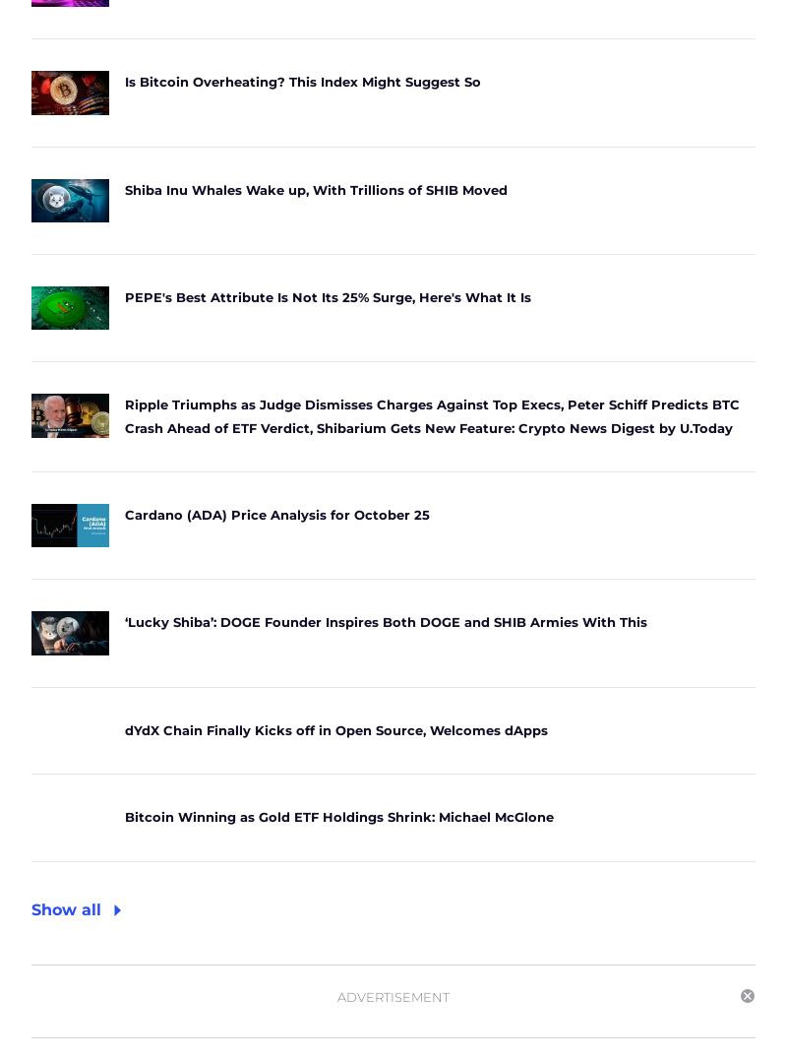  I want to click on '‘Lucky Shiba’: DOGE Founder Inspires Both DOGE and SHIB Armies With This', so click(124, 621).